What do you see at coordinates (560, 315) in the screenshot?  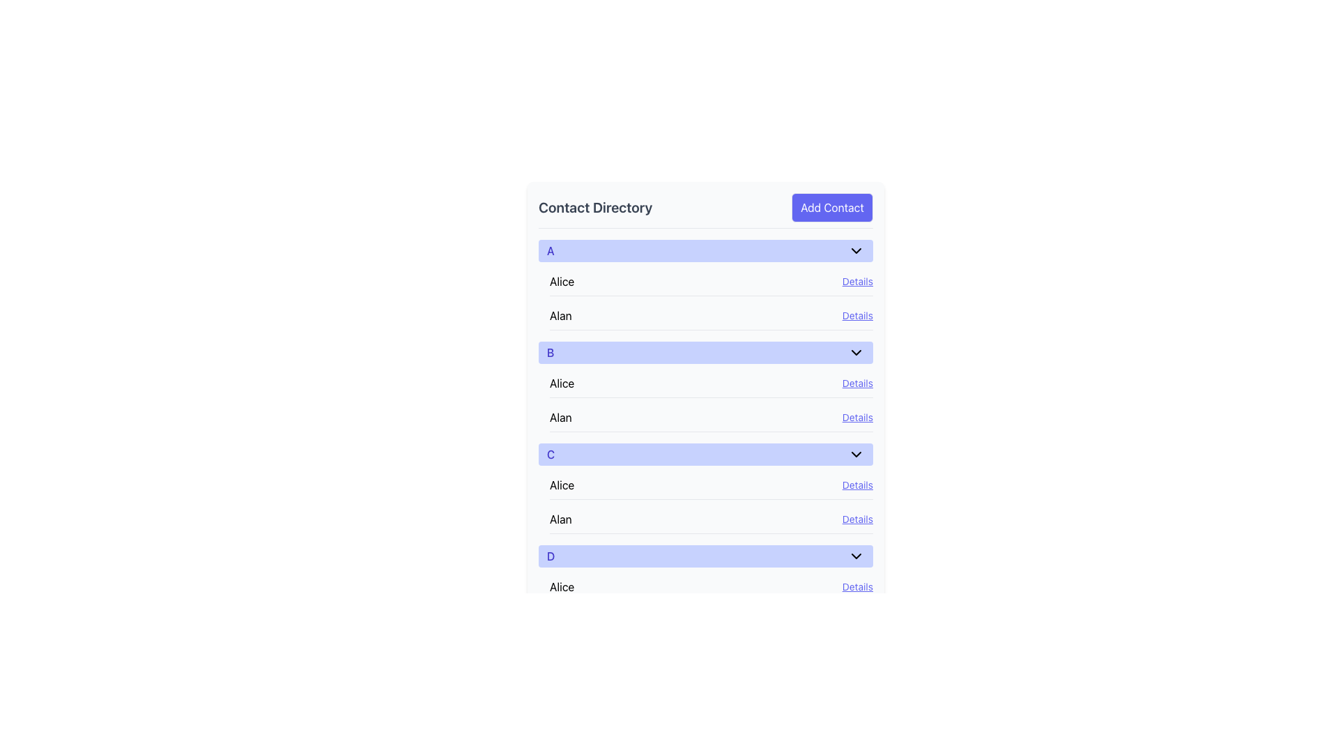 I see `the text label displaying the name 'Alan', which serves as an identifier in the list under section 'A'` at bounding box center [560, 315].